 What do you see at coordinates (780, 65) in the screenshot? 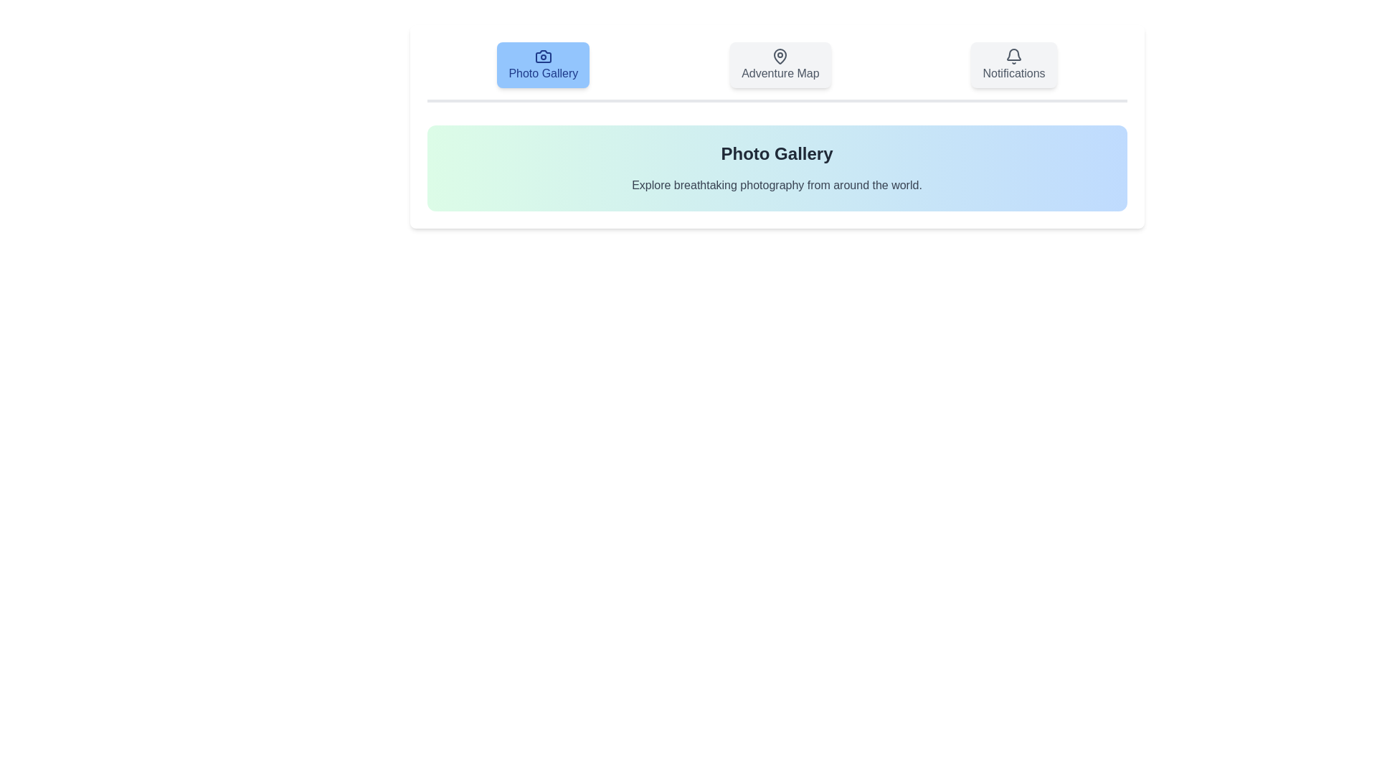
I see `the tab labeled Adventure Map` at bounding box center [780, 65].